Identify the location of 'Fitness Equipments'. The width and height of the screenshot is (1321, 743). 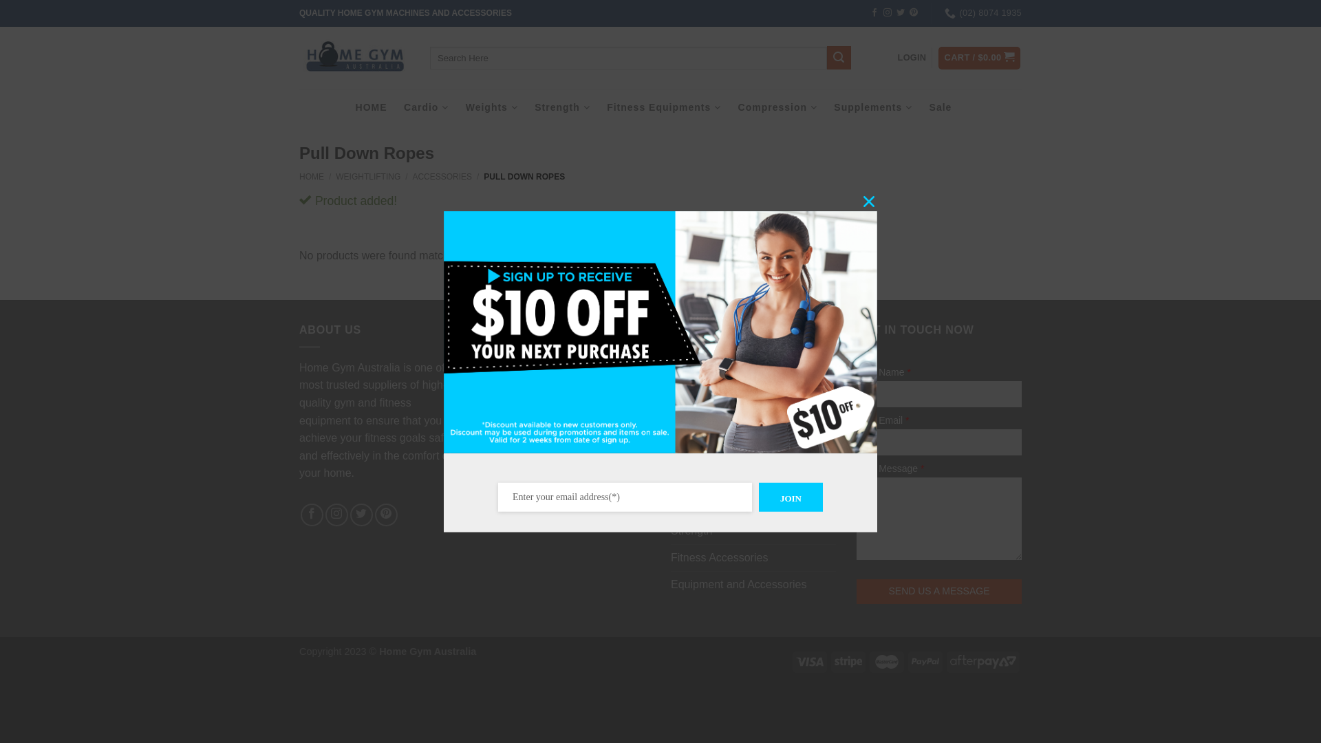
(663, 106).